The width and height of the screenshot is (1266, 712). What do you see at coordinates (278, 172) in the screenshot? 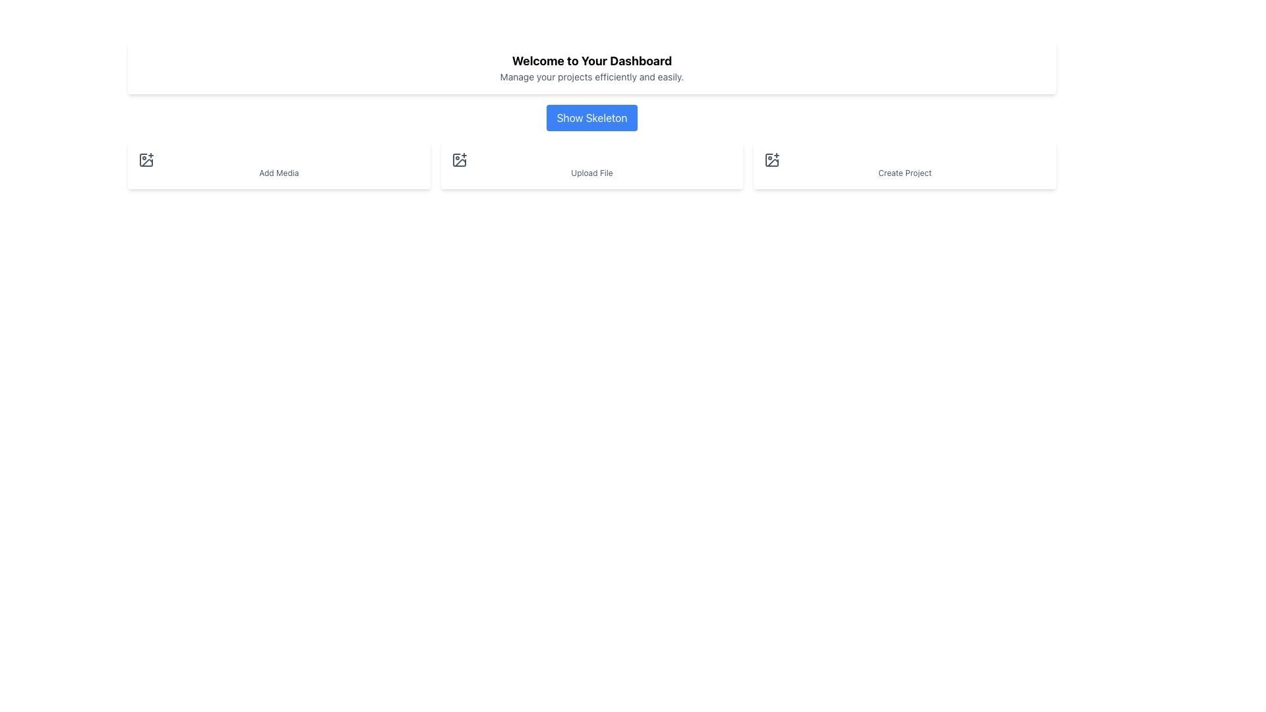
I see `the text label that provides context for the adjacent image-plus icon in the card layout` at bounding box center [278, 172].